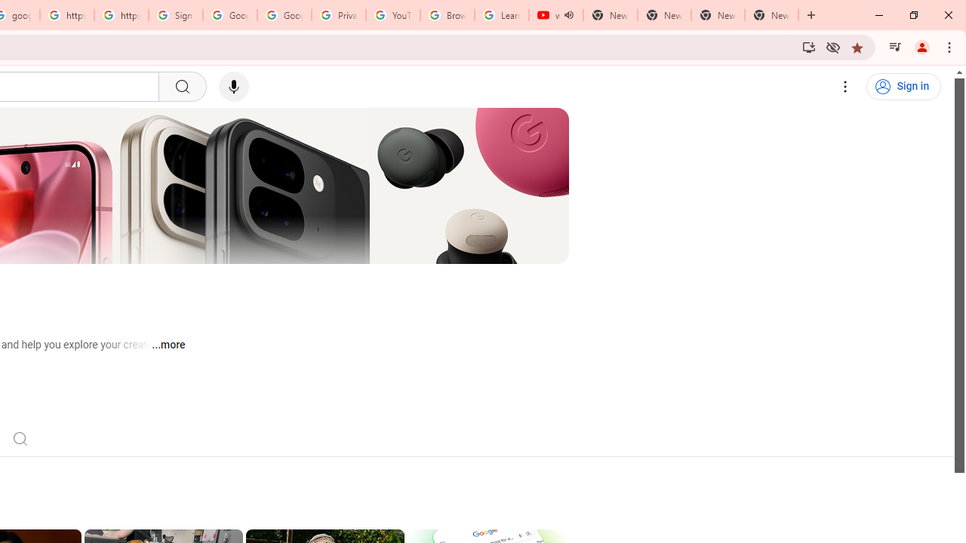  Describe the element at coordinates (845, 87) in the screenshot. I see `'Settings'` at that location.